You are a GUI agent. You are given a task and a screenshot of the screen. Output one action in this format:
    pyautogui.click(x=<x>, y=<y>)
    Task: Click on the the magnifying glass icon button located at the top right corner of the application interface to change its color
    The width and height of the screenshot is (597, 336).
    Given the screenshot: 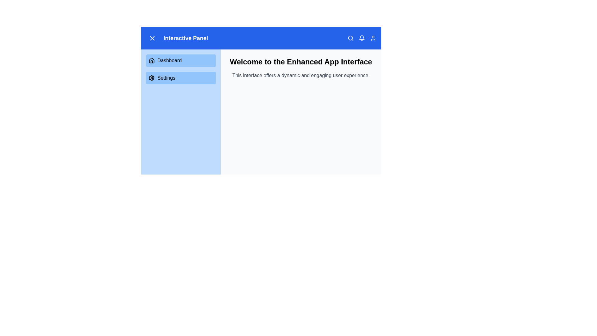 What is the action you would take?
    pyautogui.click(x=351, y=38)
    